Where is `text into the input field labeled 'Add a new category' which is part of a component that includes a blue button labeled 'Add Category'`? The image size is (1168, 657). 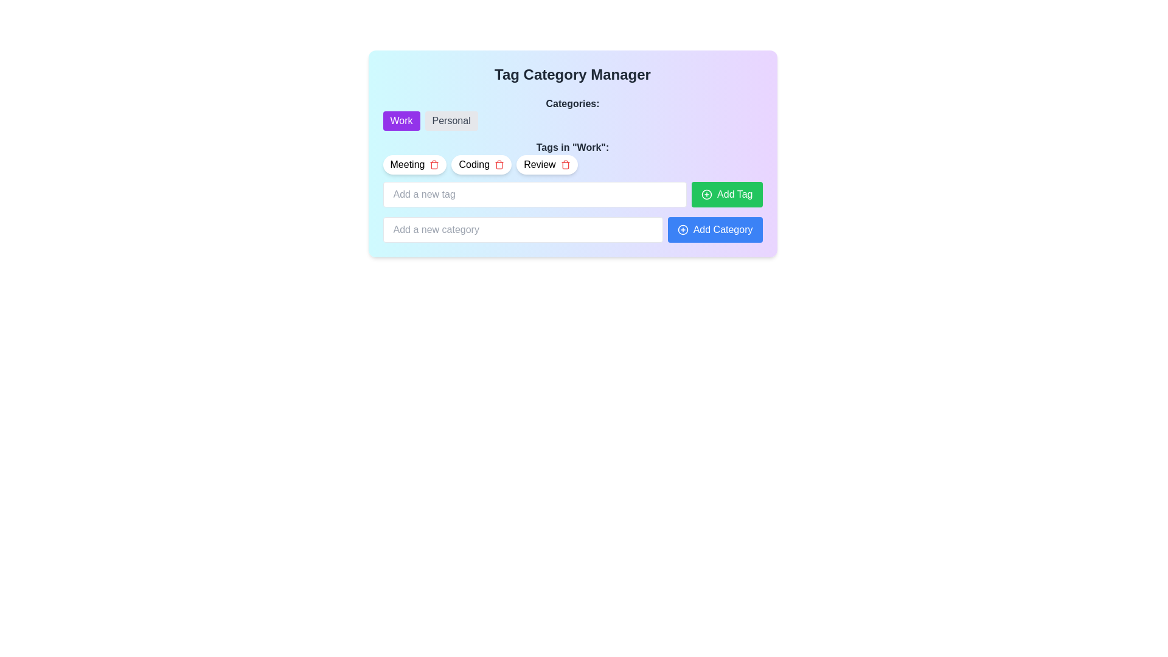
text into the input field labeled 'Add a new category' which is part of a component that includes a blue button labeled 'Add Category' is located at coordinates (572, 230).